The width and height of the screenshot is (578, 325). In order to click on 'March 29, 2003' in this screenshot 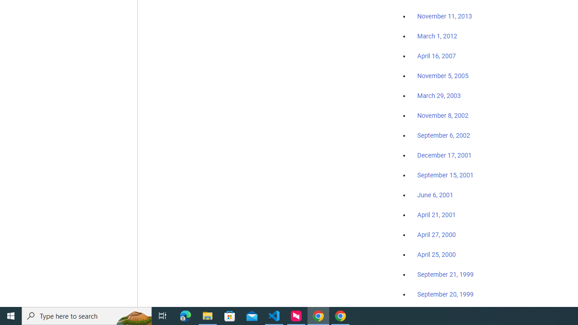, I will do `click(439, 96)`.